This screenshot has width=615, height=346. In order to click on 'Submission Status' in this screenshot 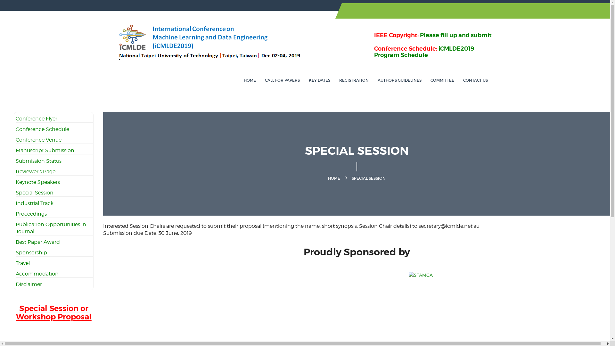, I will do `click(38, 161)`.